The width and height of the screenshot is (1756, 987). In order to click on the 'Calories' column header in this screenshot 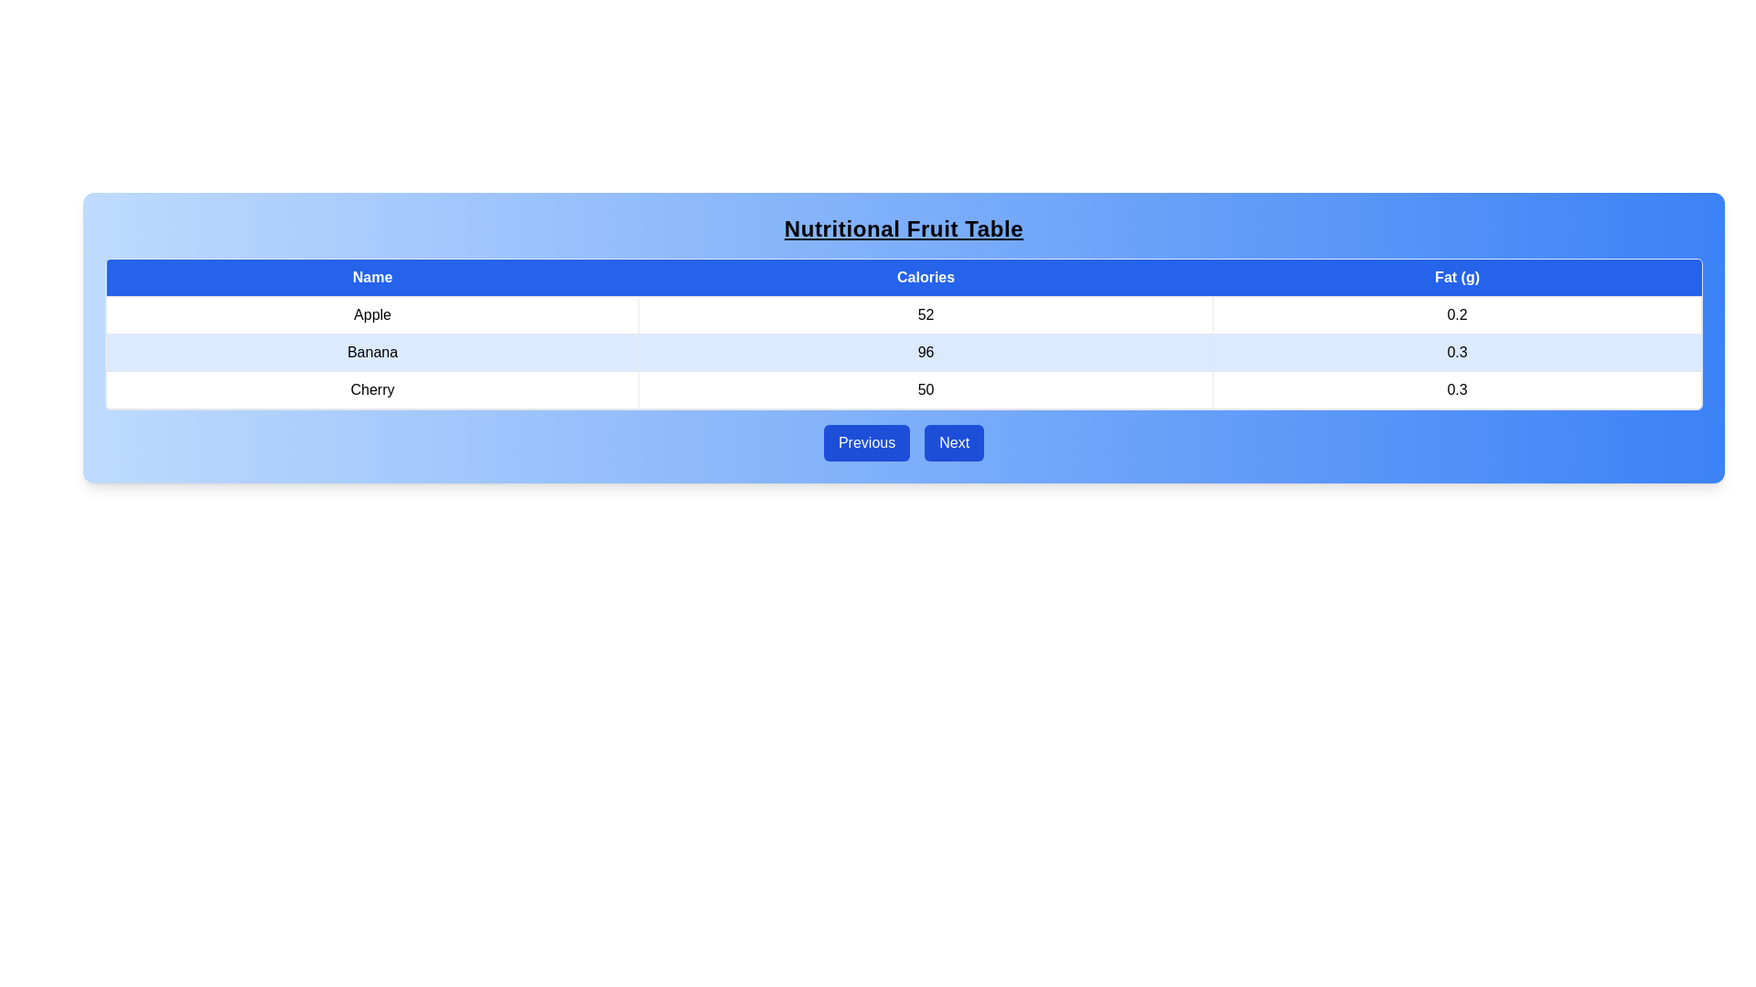, I will do `click(926, 278)`.